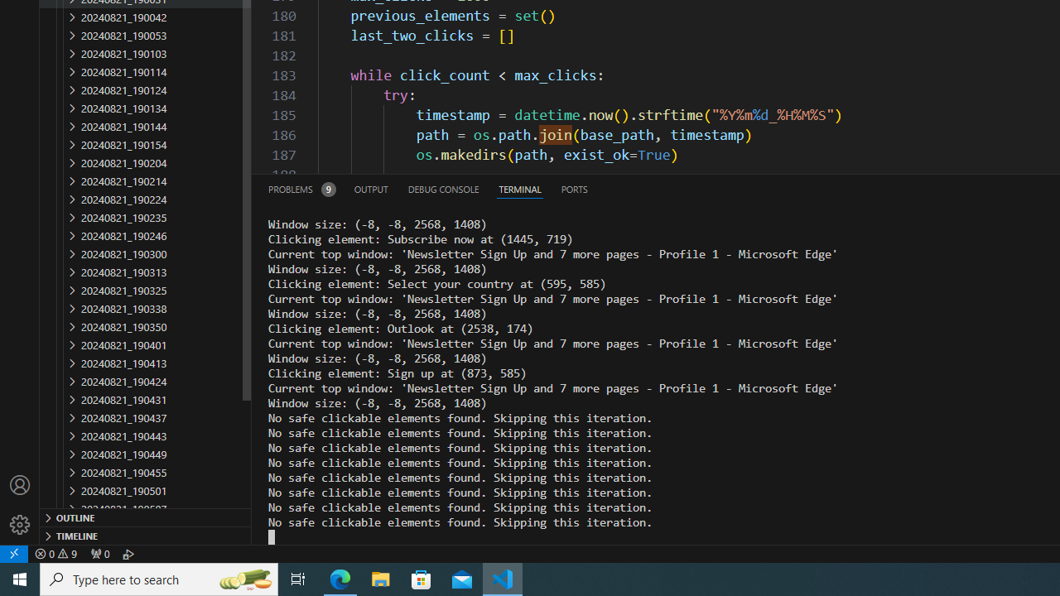 Image resolution: width=1060 pixels, height=596 pixels. What do you see at coordinates (443, 188) in the screenshot?
I see `'Debug Console (Ctrl+Shift+Y)'` at bounding box center [443, 188].